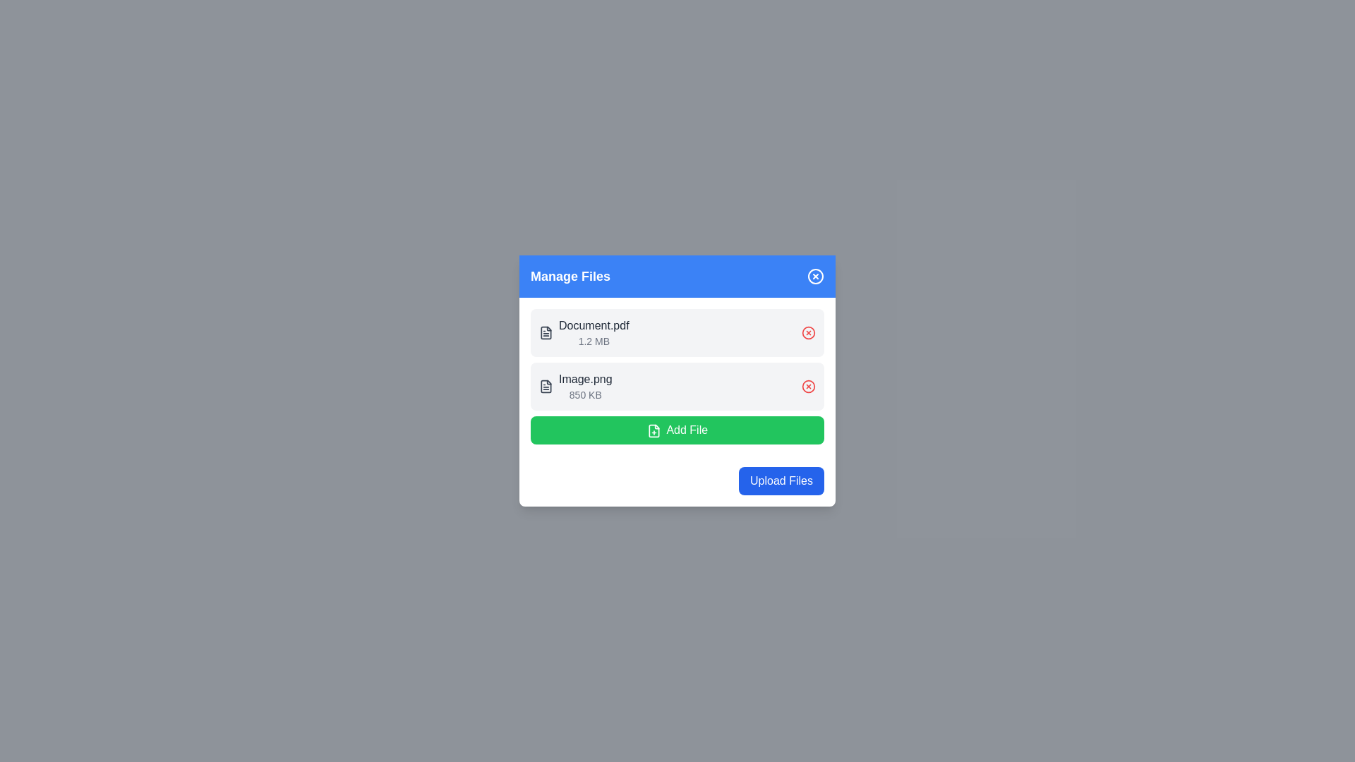 The image size is (1355, 762). Describe the element at coordinates (575, 386) in the screenshot. I see `the file descriptor located in the second row of the file management interface for additional actions or information` at that location.